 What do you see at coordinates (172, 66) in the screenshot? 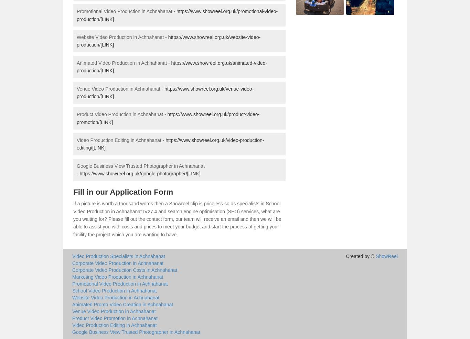
I see `'https://www.showreel.org.uk/animated-video-production/[LINK]'` at bounding box center [172, 66].